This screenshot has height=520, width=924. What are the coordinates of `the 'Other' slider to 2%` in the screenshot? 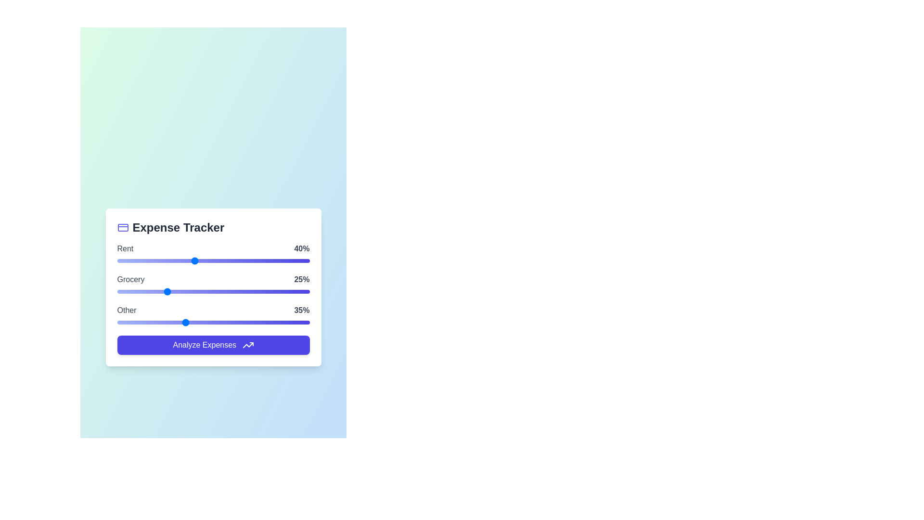 It's located at (120, 322).